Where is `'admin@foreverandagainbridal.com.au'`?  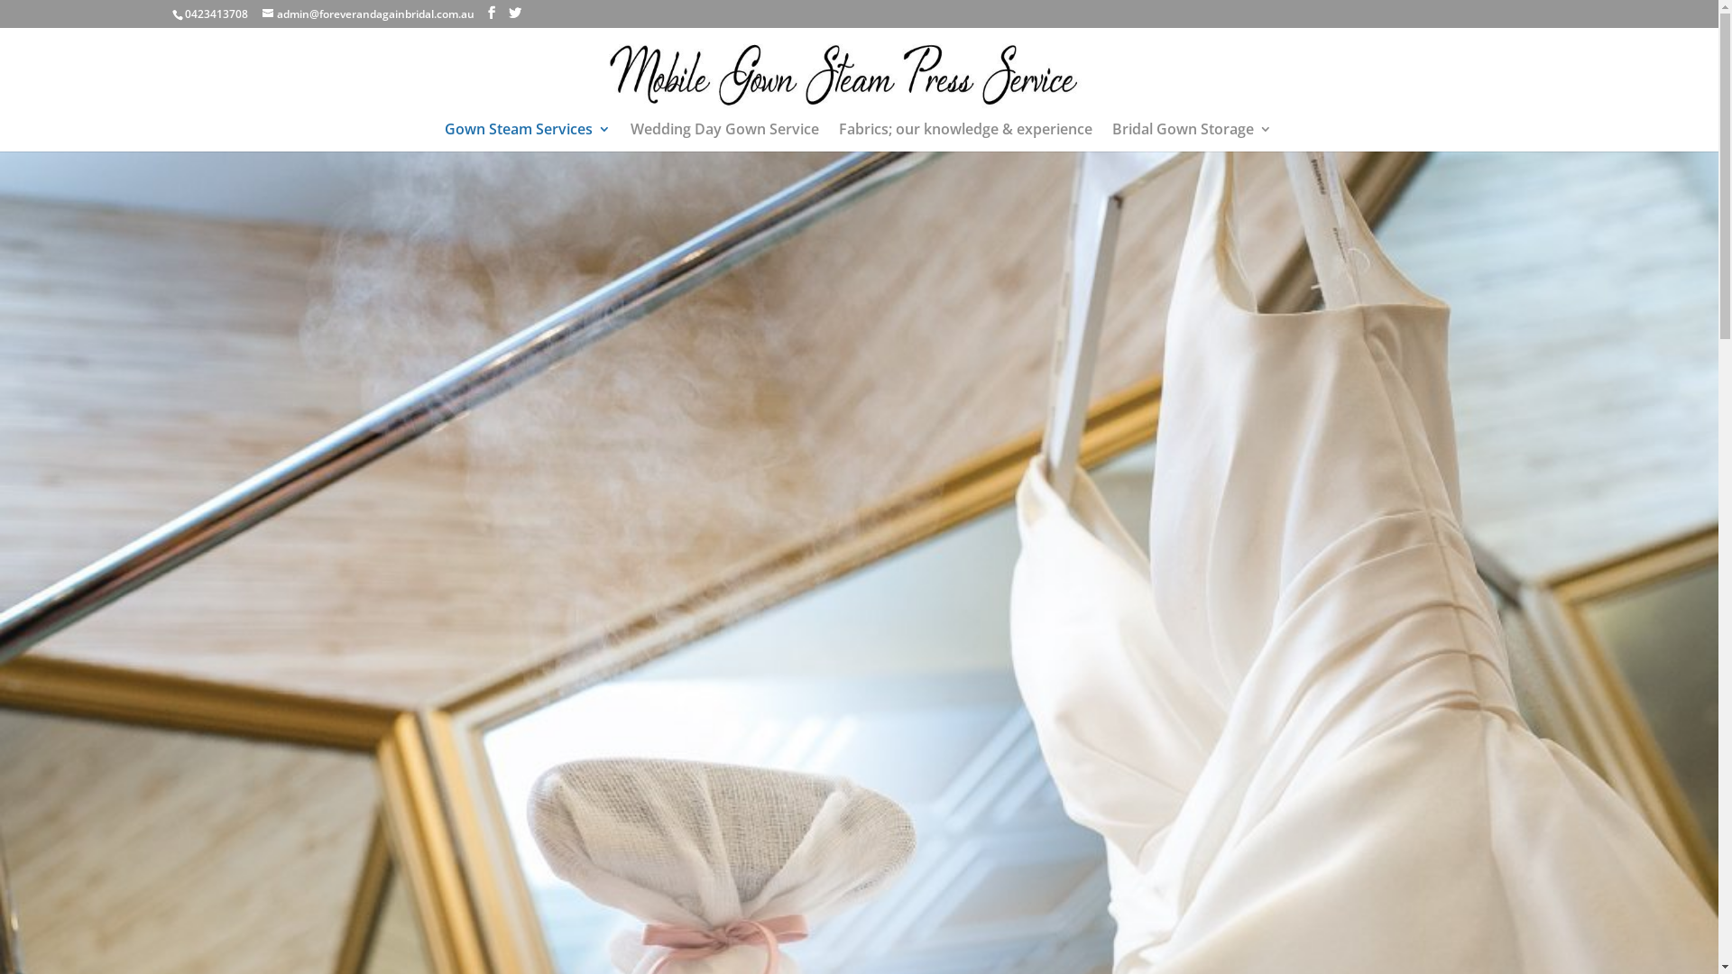
'admin@foreverandagainbridal.com.au' is located at coordinates (366, 14).